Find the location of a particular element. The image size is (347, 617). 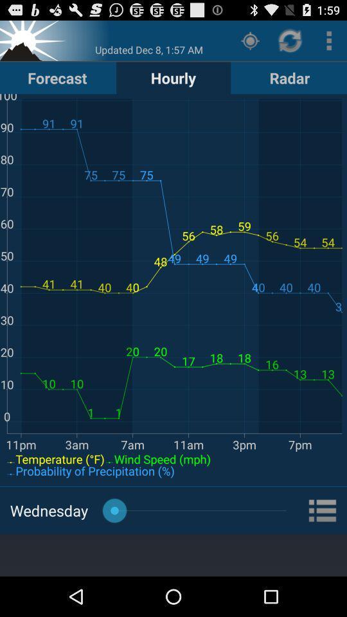

forecast is located at coordinates (57, 77).